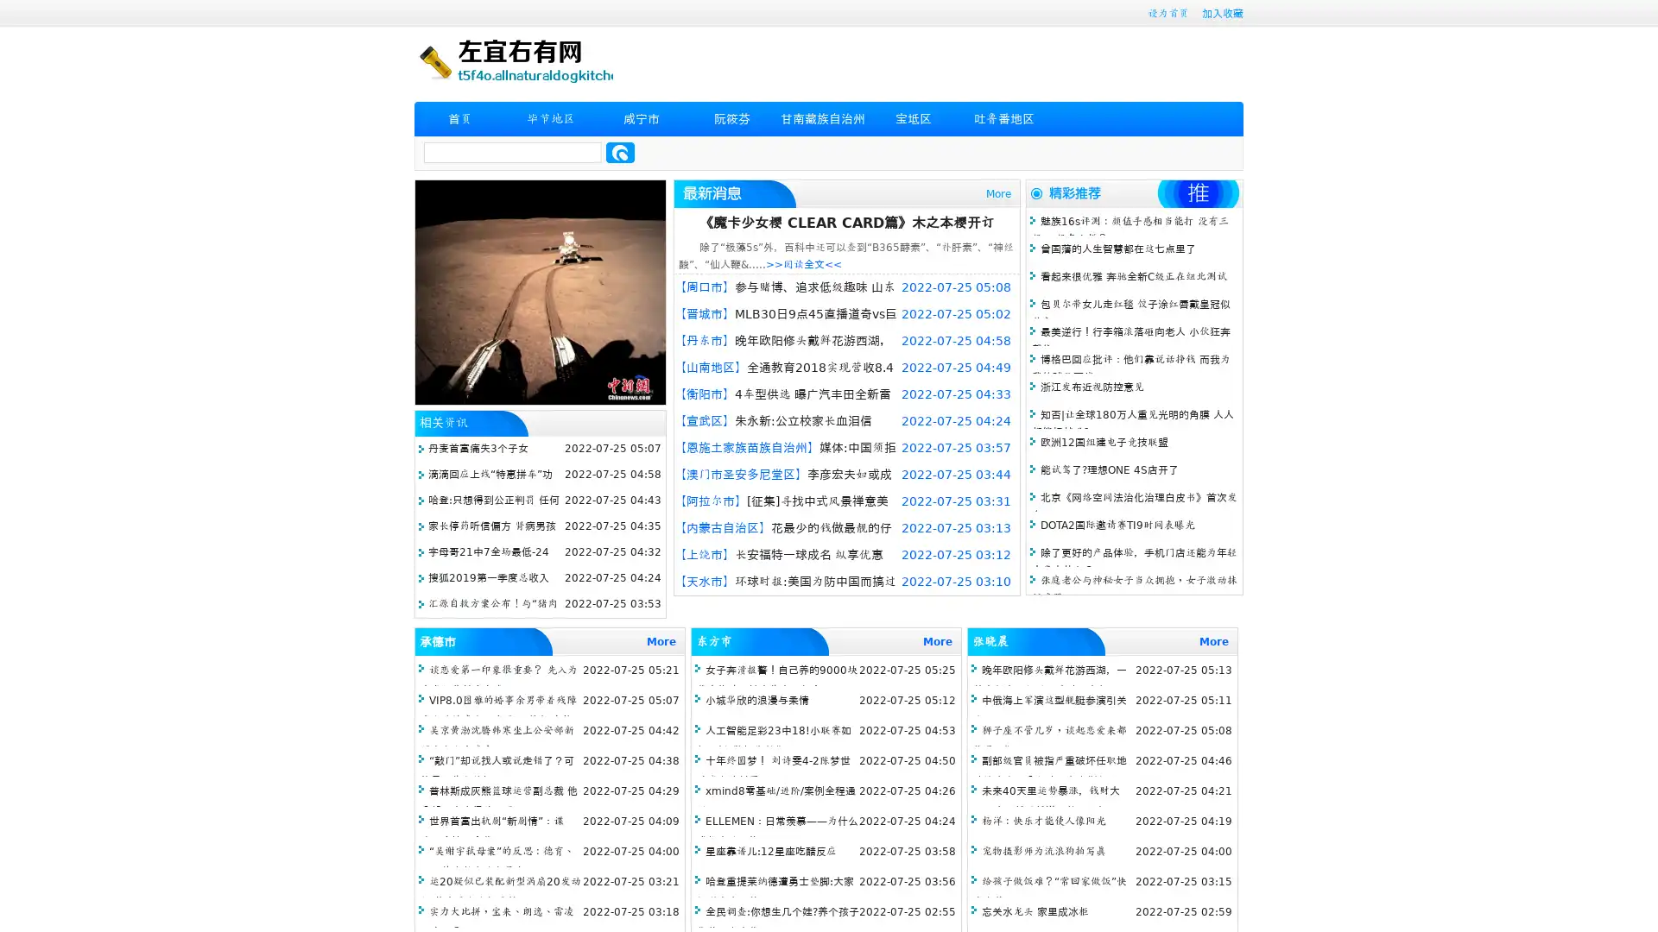 The height and width of the screenshot is (932, 1658). Describe the element at coordinates (620, 152) in the screenshot. I see `Search` at that location.